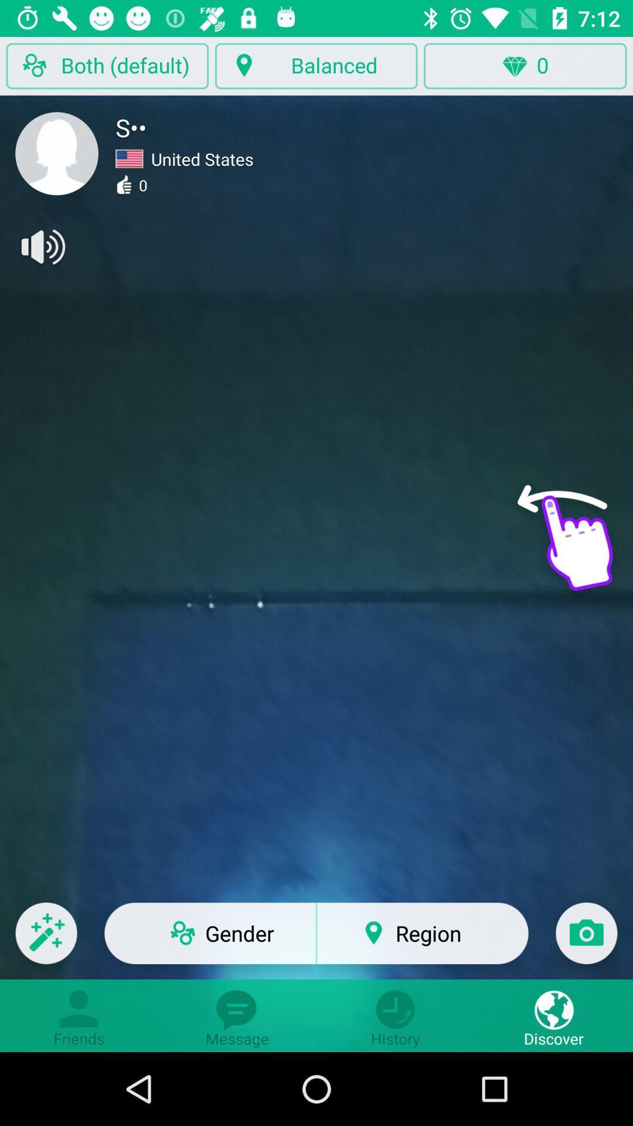 Image resolution: width=633 pixels, height=1126 pixels. Describe the element at coordinates (42, 246) in the screenshot. I see `volume button` at that location.